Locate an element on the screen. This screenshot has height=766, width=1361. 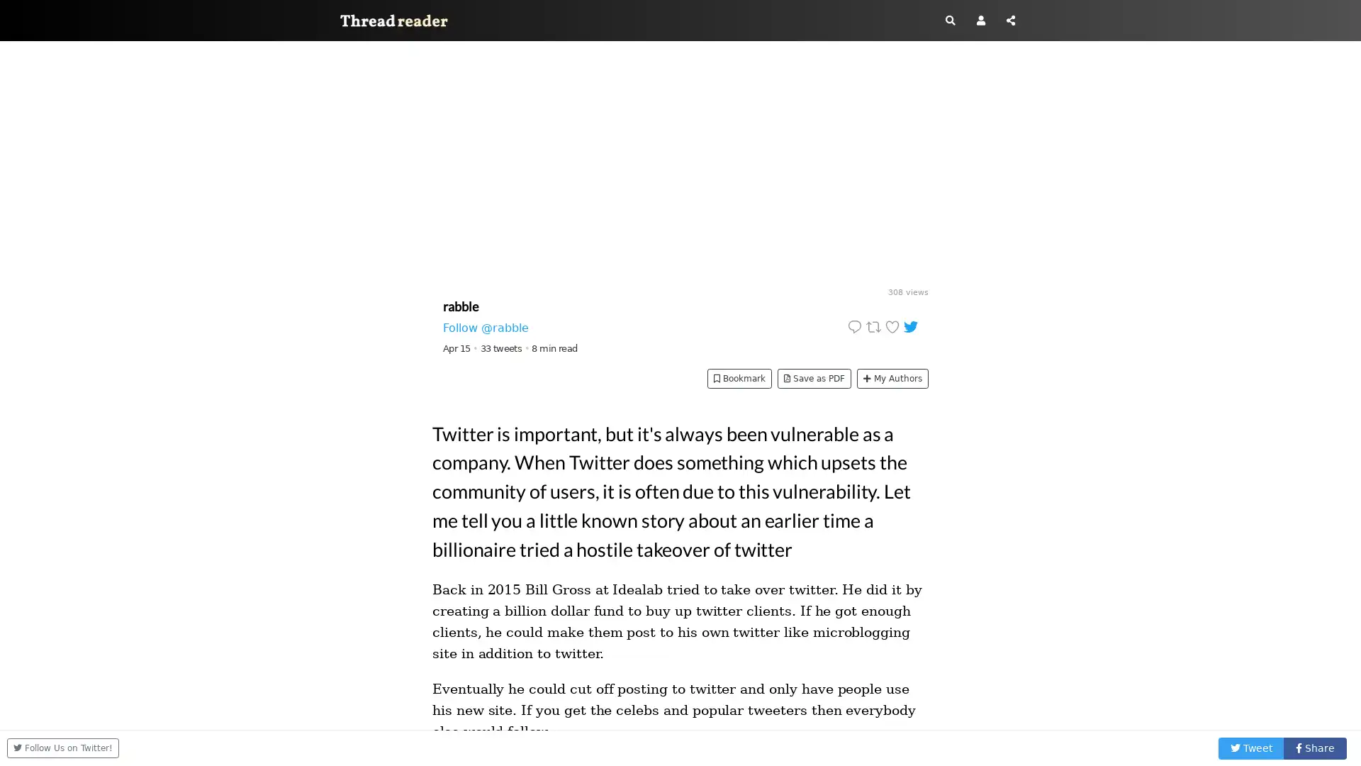
My Authors is located at coordinates (892, 377).